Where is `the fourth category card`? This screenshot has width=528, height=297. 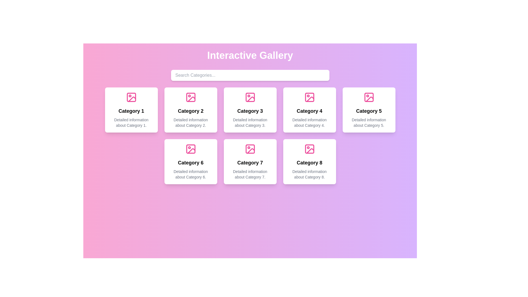
the fourth category card is located at coordinates (309, 110).